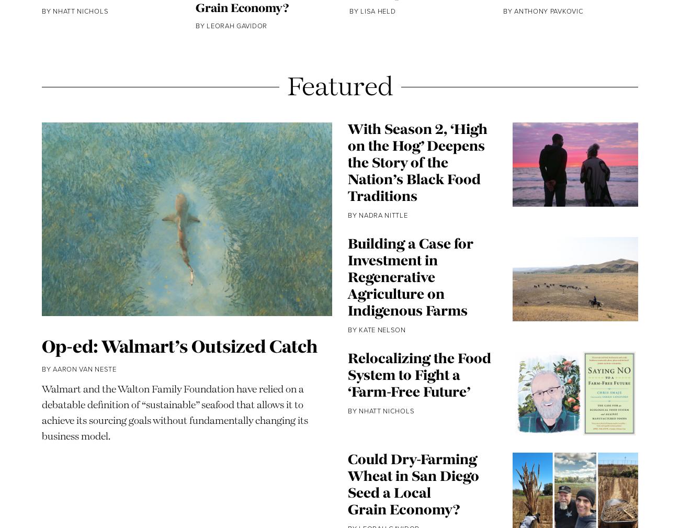  What do you see at coordinates (174, 445) in the screenshot?
I see `'Walmart and the Walton Family Foundation have relied on a debatable definition of “sustainable” seafood that allows it to achieve its sourcing goals without fundamentally changing its business model.'` at bounding box center [174, 445].